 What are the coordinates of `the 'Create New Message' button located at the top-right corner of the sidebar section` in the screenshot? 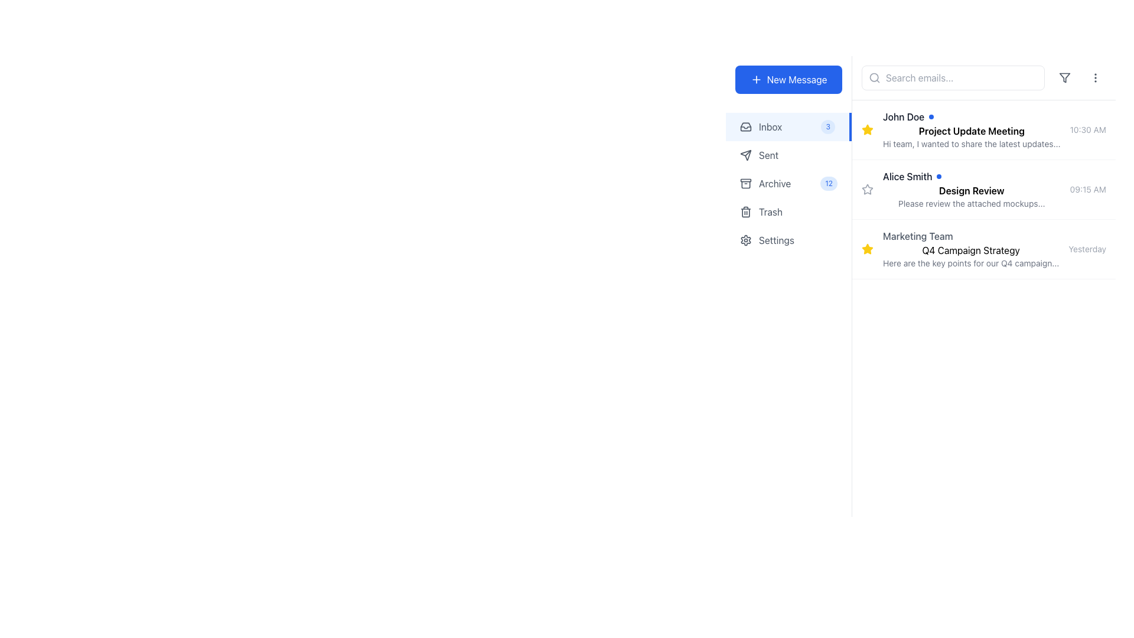 It's located at (788, 80).